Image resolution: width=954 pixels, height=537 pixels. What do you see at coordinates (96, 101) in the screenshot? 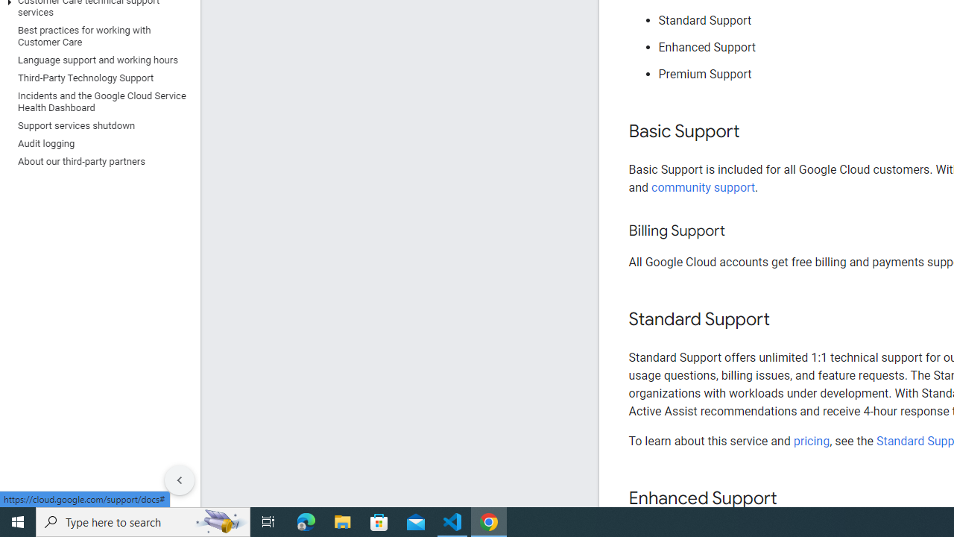
I see `'Incidents and the Google Cloud Service Health Dashboard'` at bounding box center [96, 101].